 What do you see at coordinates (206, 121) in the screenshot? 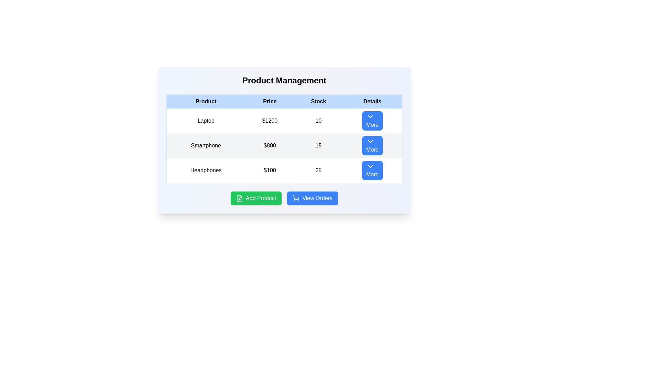
I see `the text label displaying the product name of the first item in the list, located under the 'Product' column in the tabular layout` at bounding box center [206, 121].